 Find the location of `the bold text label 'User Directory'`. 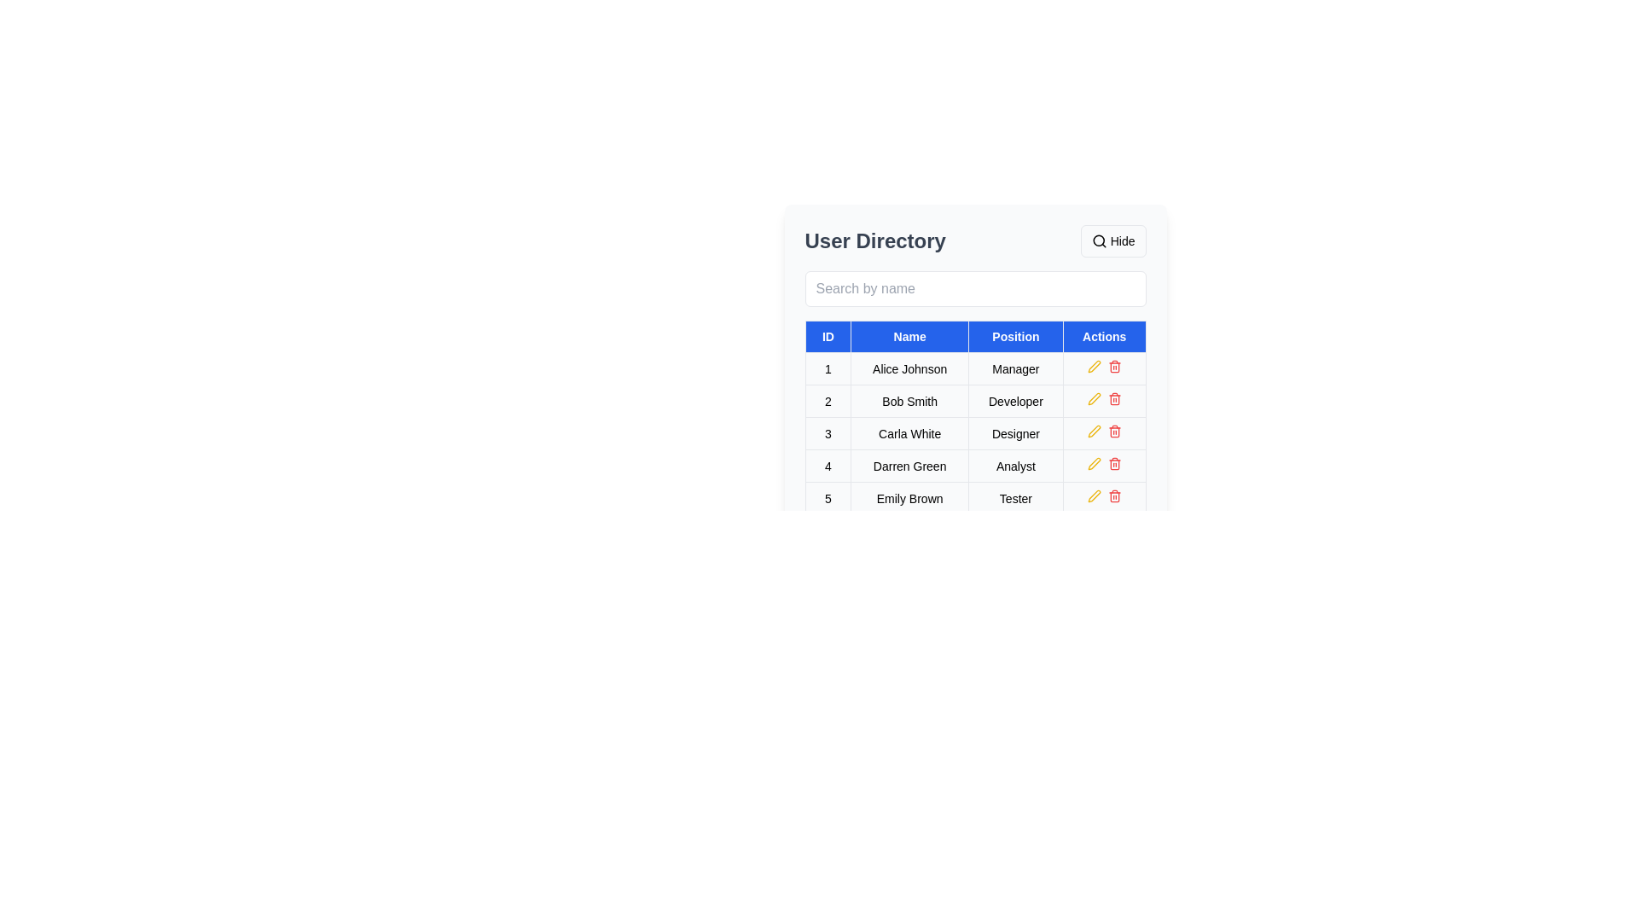

the bold text label 'User Directory' is located at coordinates (875, 240).